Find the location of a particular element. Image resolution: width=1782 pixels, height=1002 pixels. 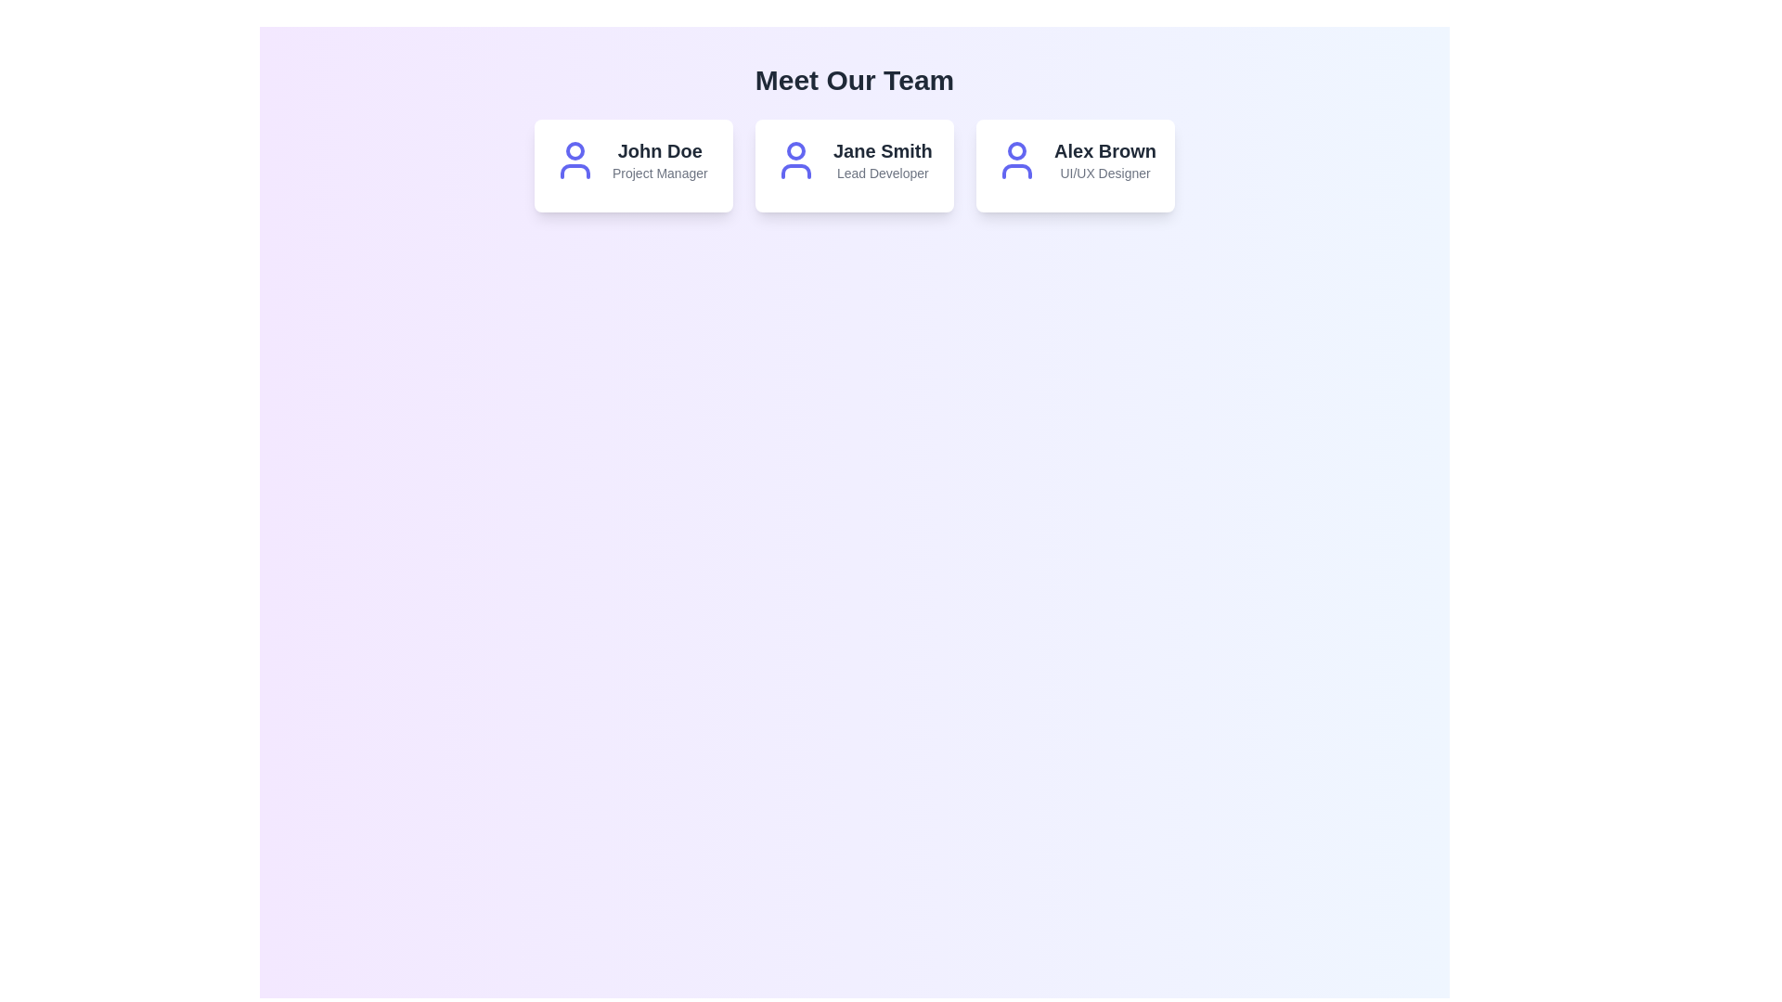

text from the Text Label displaying 'Alex Brown' and 'UI/UX Designer' which is the third item in the list under 'Meet Our Team' is located at coordinates (1104, 160).